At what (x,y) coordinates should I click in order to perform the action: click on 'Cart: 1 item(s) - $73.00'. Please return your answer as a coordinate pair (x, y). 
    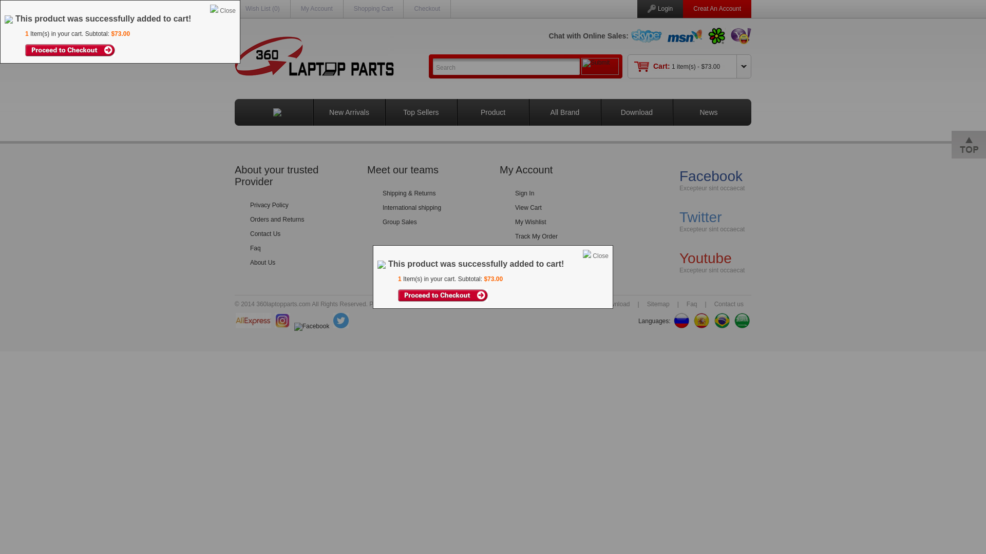
    Looking at the image, I should click on (687, 67).